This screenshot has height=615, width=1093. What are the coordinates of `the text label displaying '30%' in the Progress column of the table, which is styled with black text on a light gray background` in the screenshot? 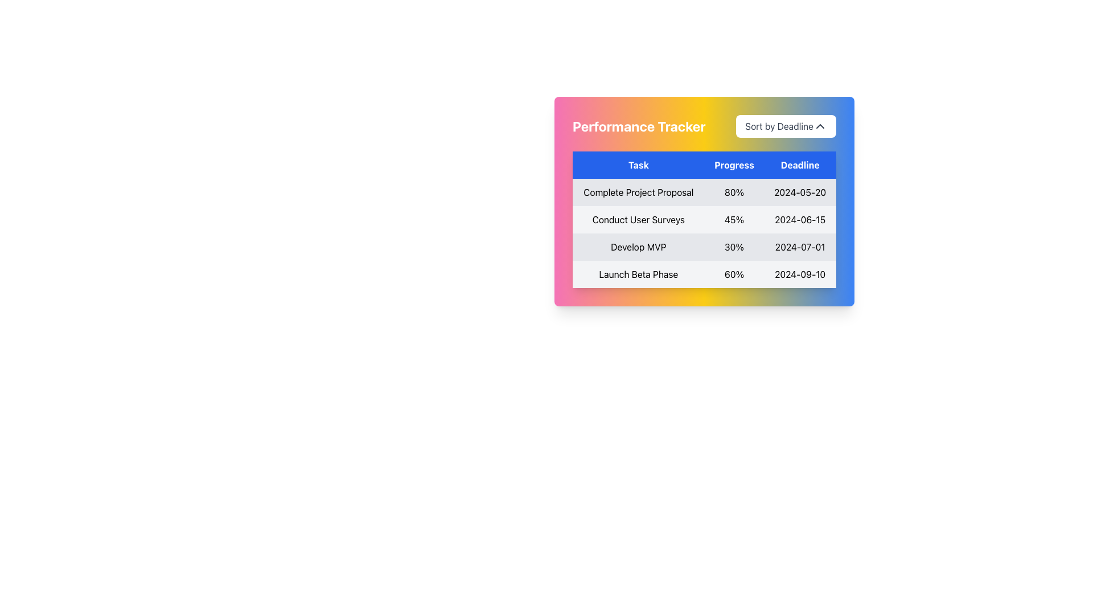 It's located at (734, 247).